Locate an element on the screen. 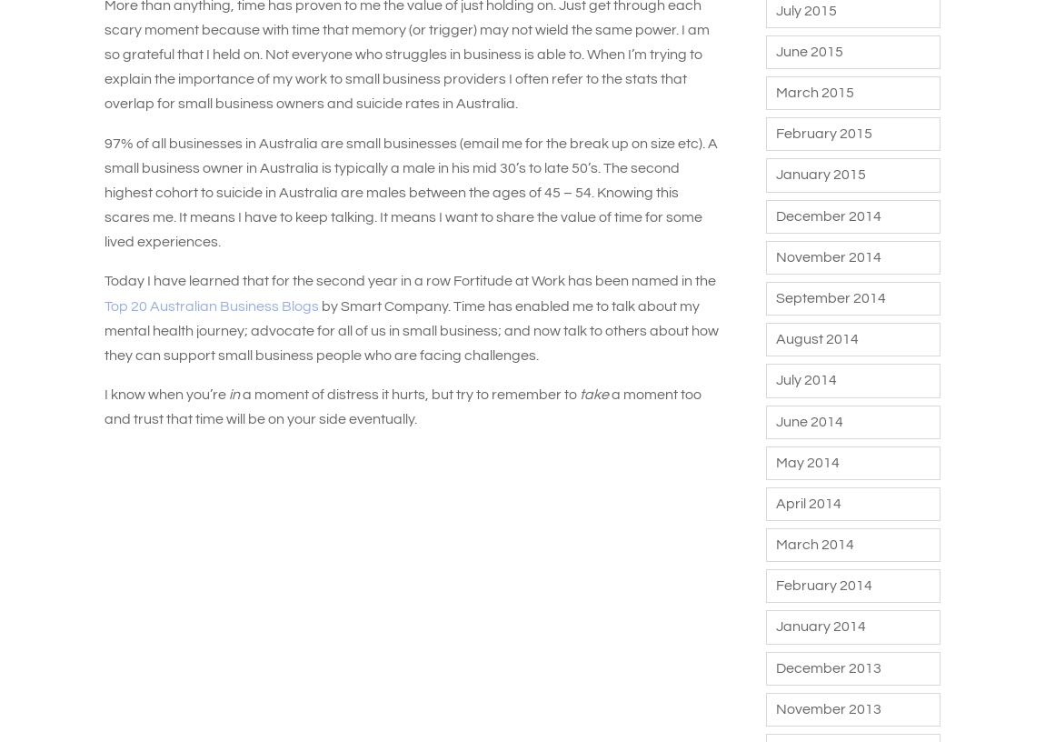  'January 2015' is located at coordinates (820, 175).